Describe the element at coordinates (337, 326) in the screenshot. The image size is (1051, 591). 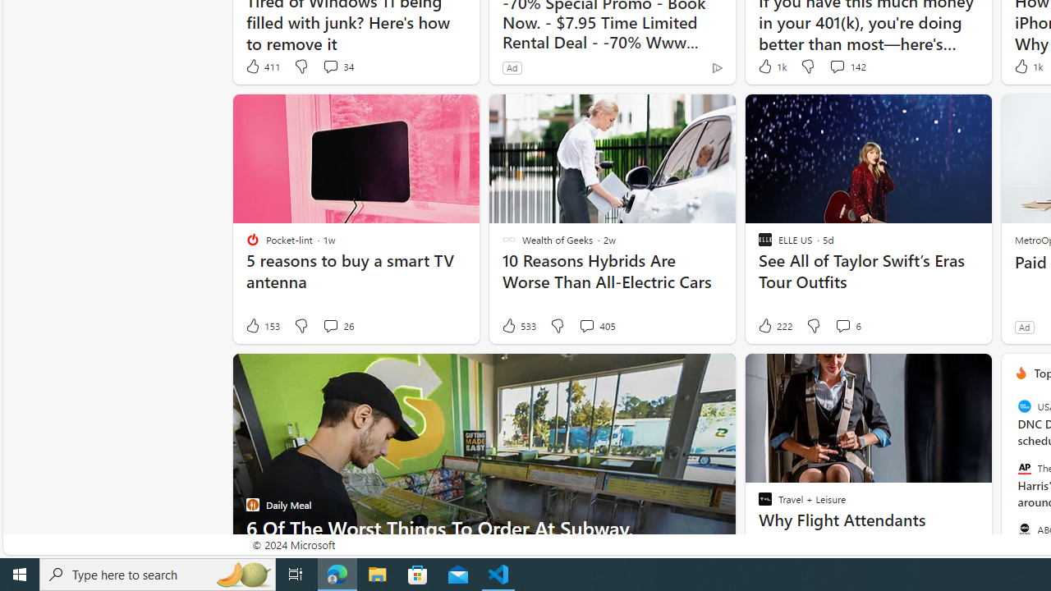
I see `'View comments 26 Comment'` at that location.